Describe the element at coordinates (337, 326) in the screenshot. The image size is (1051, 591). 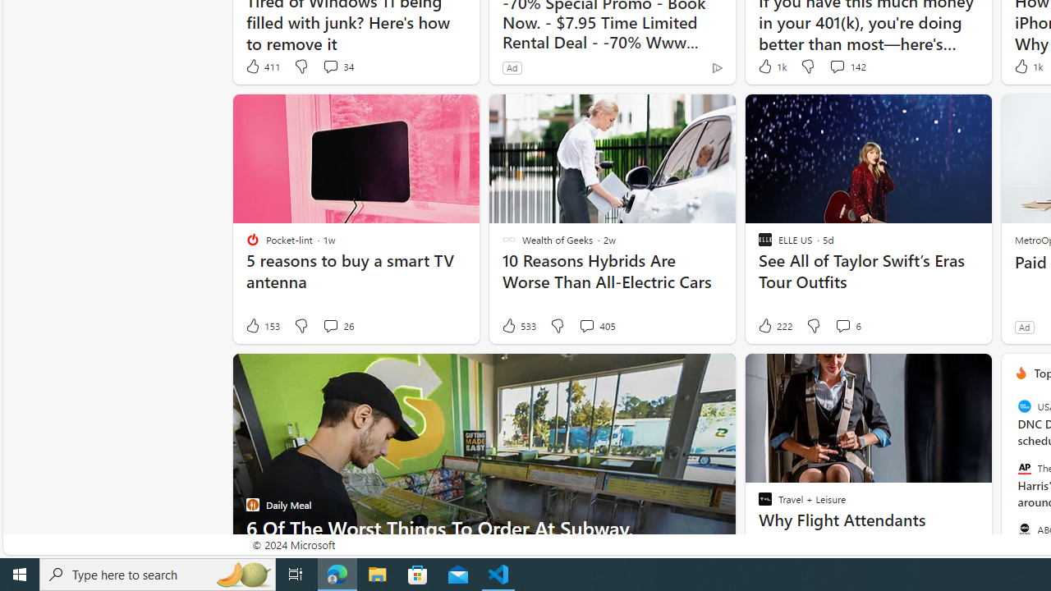
I see `'View comments 26 Comment'` at that location.